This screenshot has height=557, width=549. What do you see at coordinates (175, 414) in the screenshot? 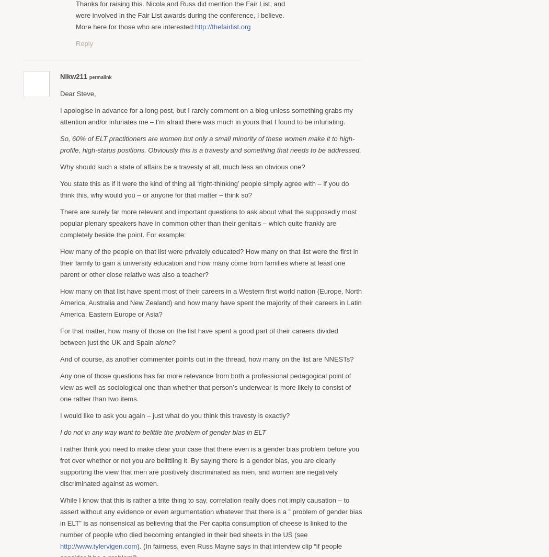
I see `'I would like to ask you again – just what do you think this travesty is exactly?'` at bounding box center [175, 414].